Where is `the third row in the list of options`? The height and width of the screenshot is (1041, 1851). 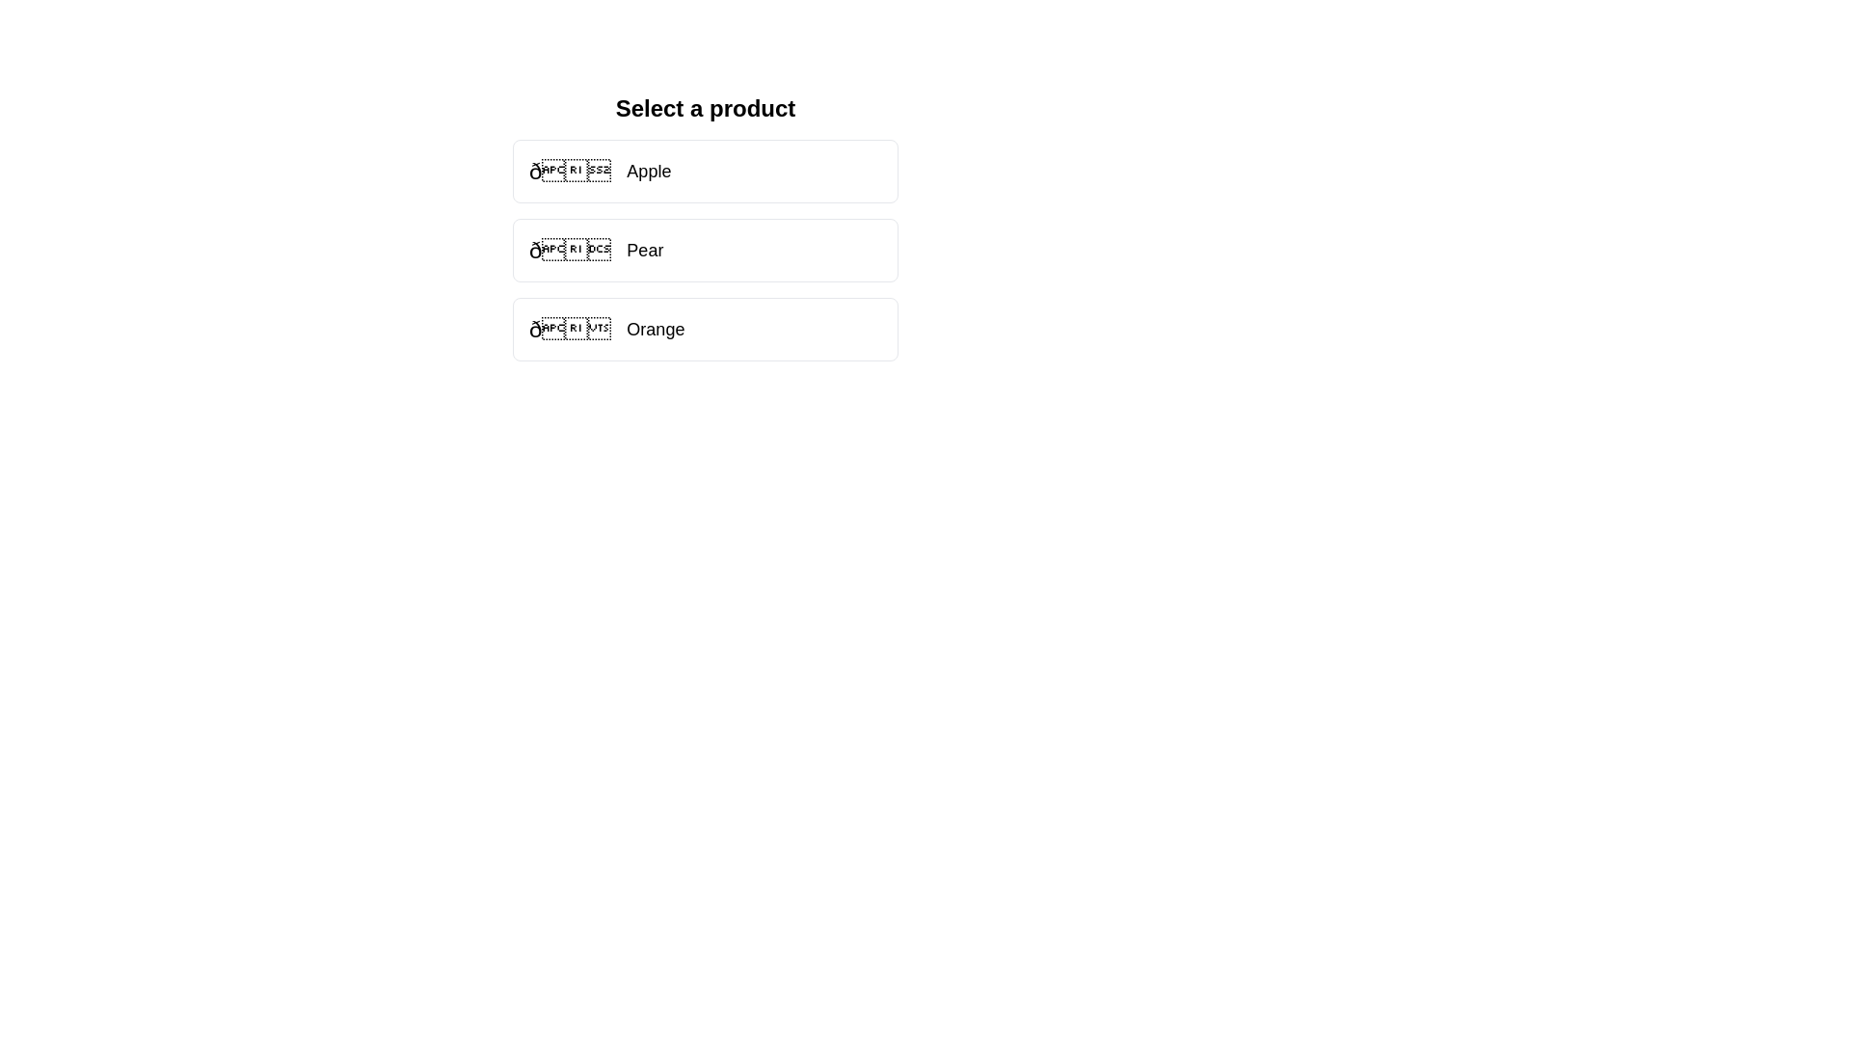
the third row in the list of options is located at coordinates (605, 329).